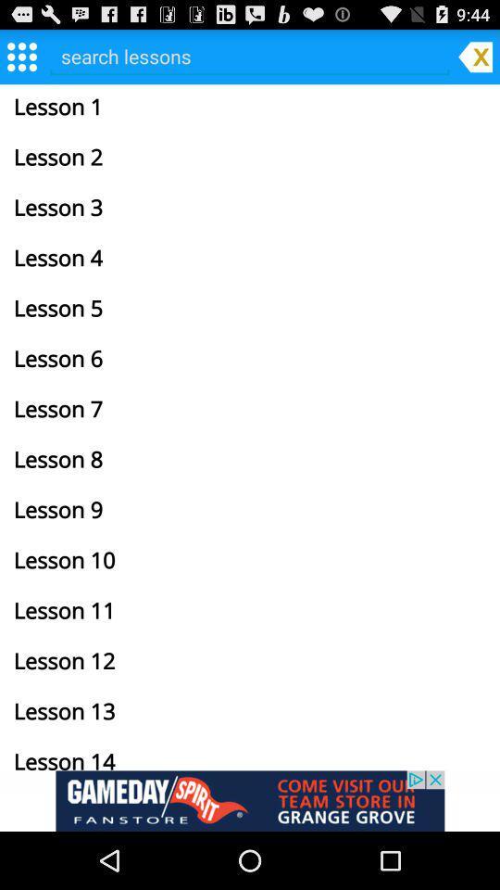 The image size is (500, 890). What do you see at coordinates (250, 55) in the screenshot?
I see `search for lessons` at bounding box center [250, 55].